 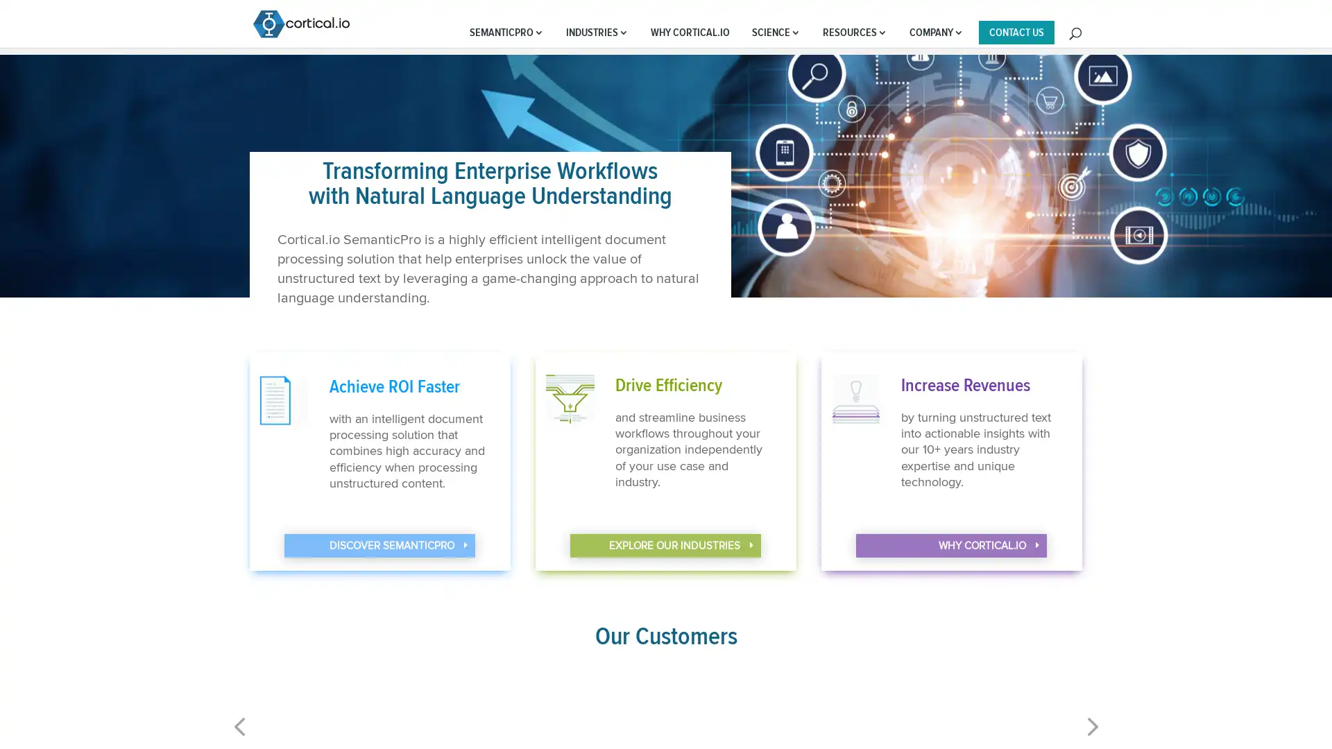 I want to click on Previous Item, so click(x=1090, y=734).